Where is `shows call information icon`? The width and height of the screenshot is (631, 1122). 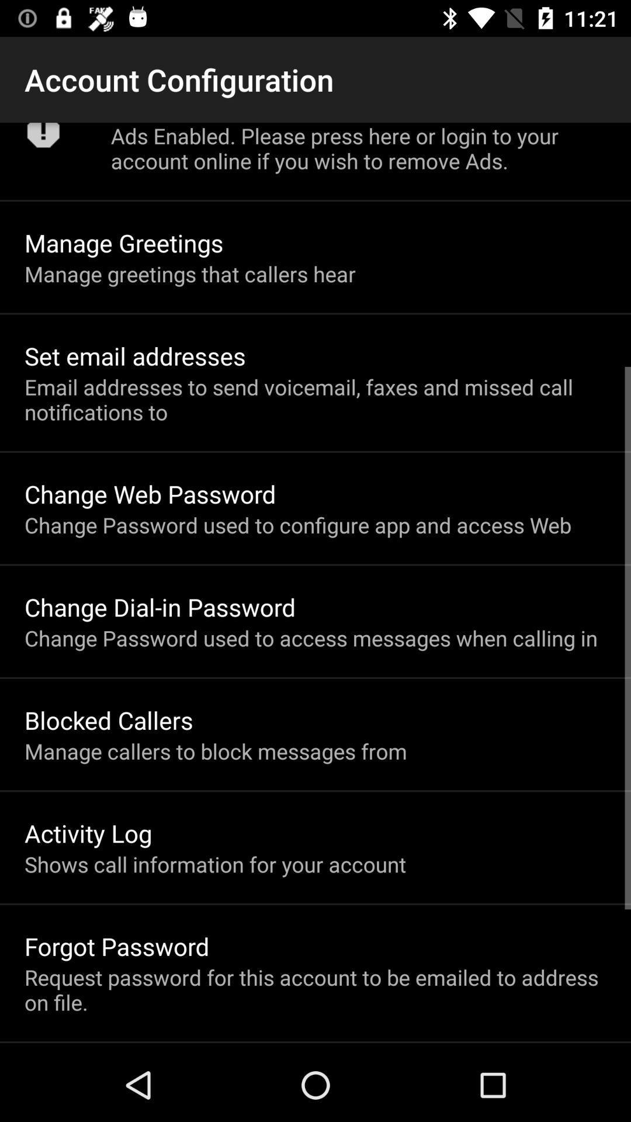 shows call information icon is located at coordinates (215, 864).